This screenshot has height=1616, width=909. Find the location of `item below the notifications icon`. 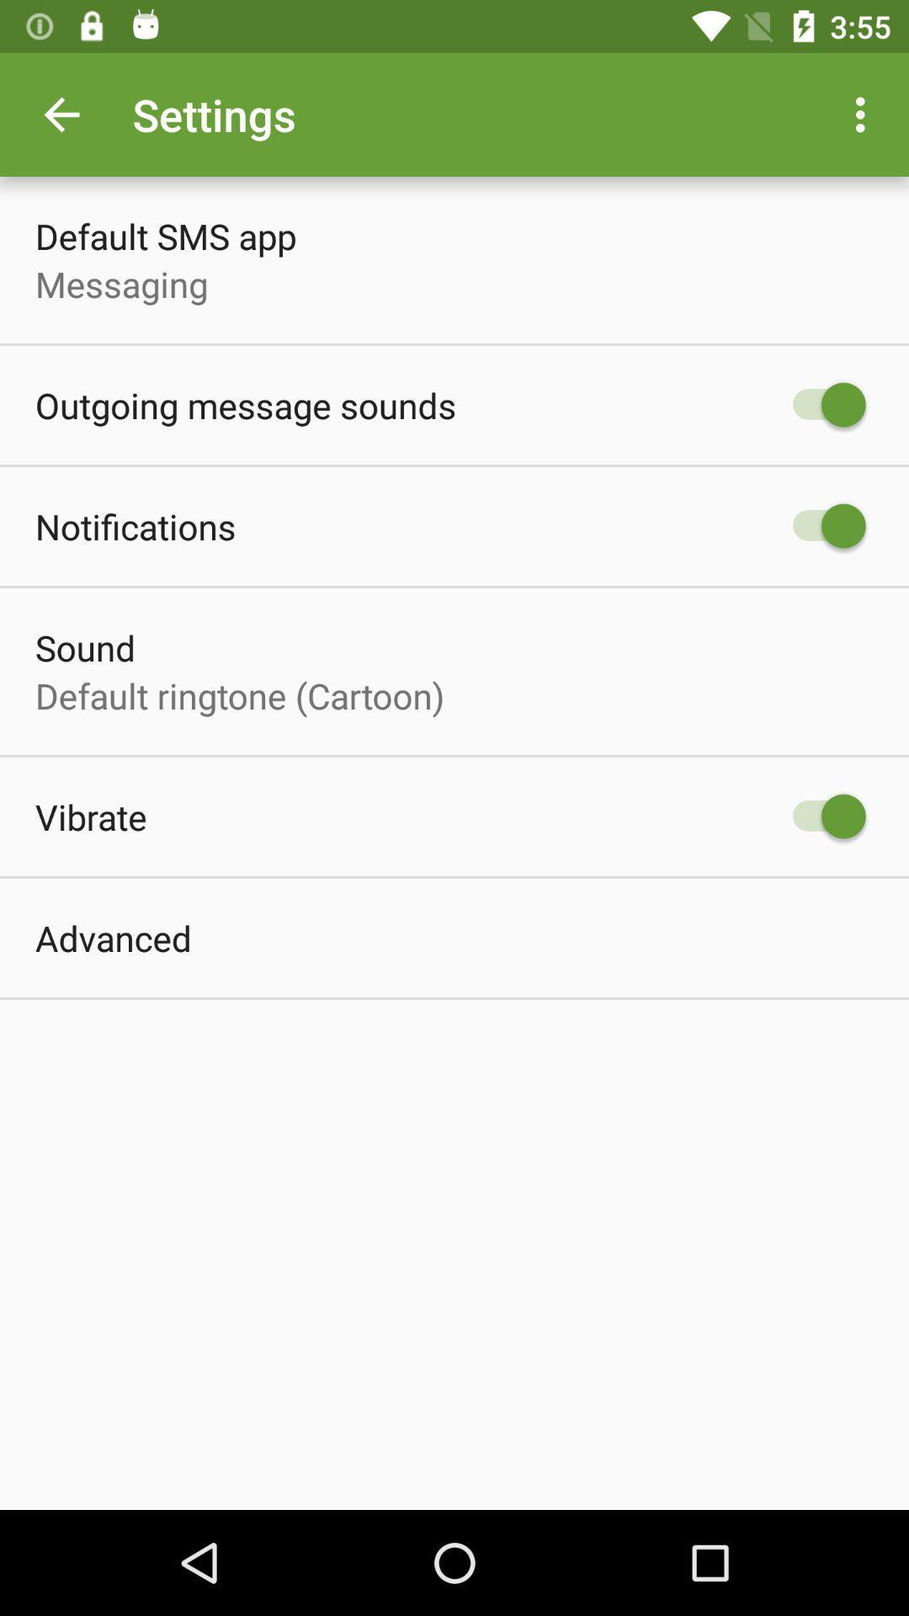

item below the notifications icon is located at coordinates (85, 646).